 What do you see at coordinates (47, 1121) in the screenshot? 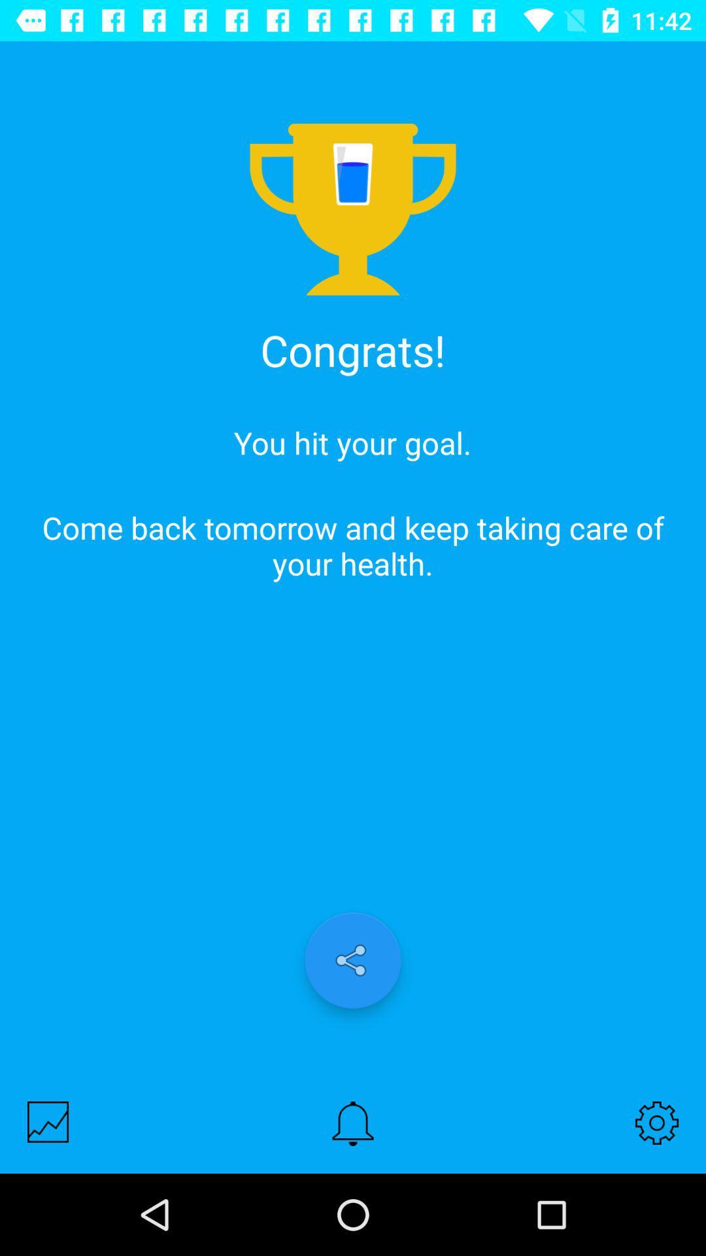
I see `show history` at bounding box center [47, 1121].